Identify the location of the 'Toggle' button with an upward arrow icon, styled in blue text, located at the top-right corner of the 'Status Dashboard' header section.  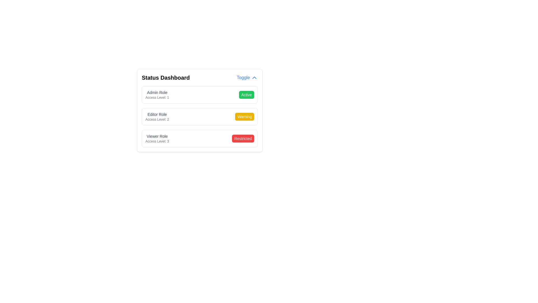
(247, 78).